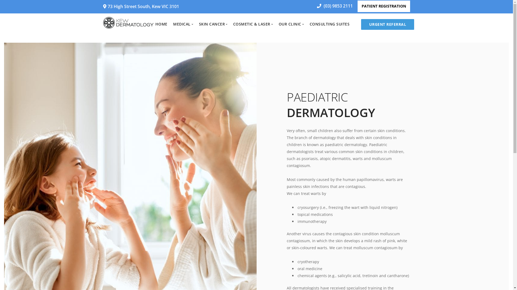 The height and width of the screenshot is (290, 517). I want to click on 'CONSULTING SUITES', so click(310, 24).